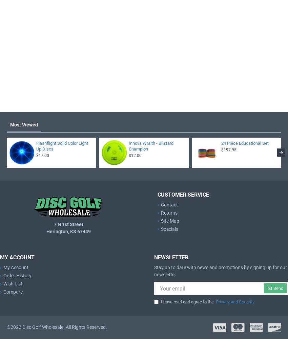 Image resolution: width=288 pixels, height=339 pixels. I want to click on '24 Piece Educational Set', so click(221, 143).